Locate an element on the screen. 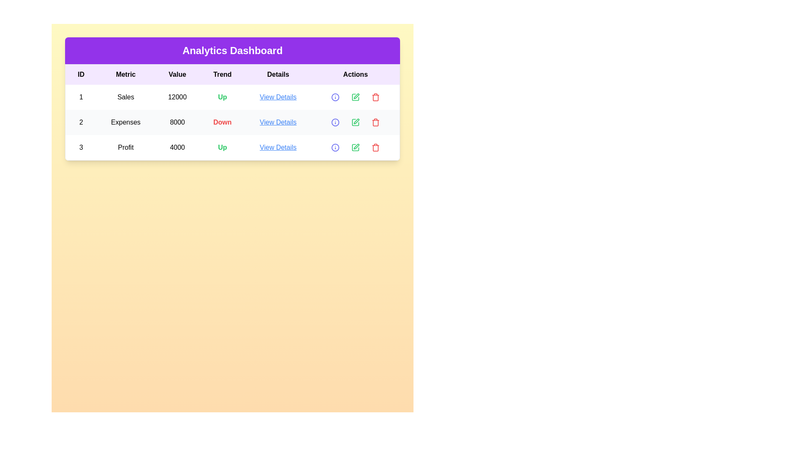 Image resolution: width=806 pixels, height=453 pixels. the green pen icon button representing an edit action in the 'Actions' column of the 'Expenses' row is located at coordinates (355, 122).